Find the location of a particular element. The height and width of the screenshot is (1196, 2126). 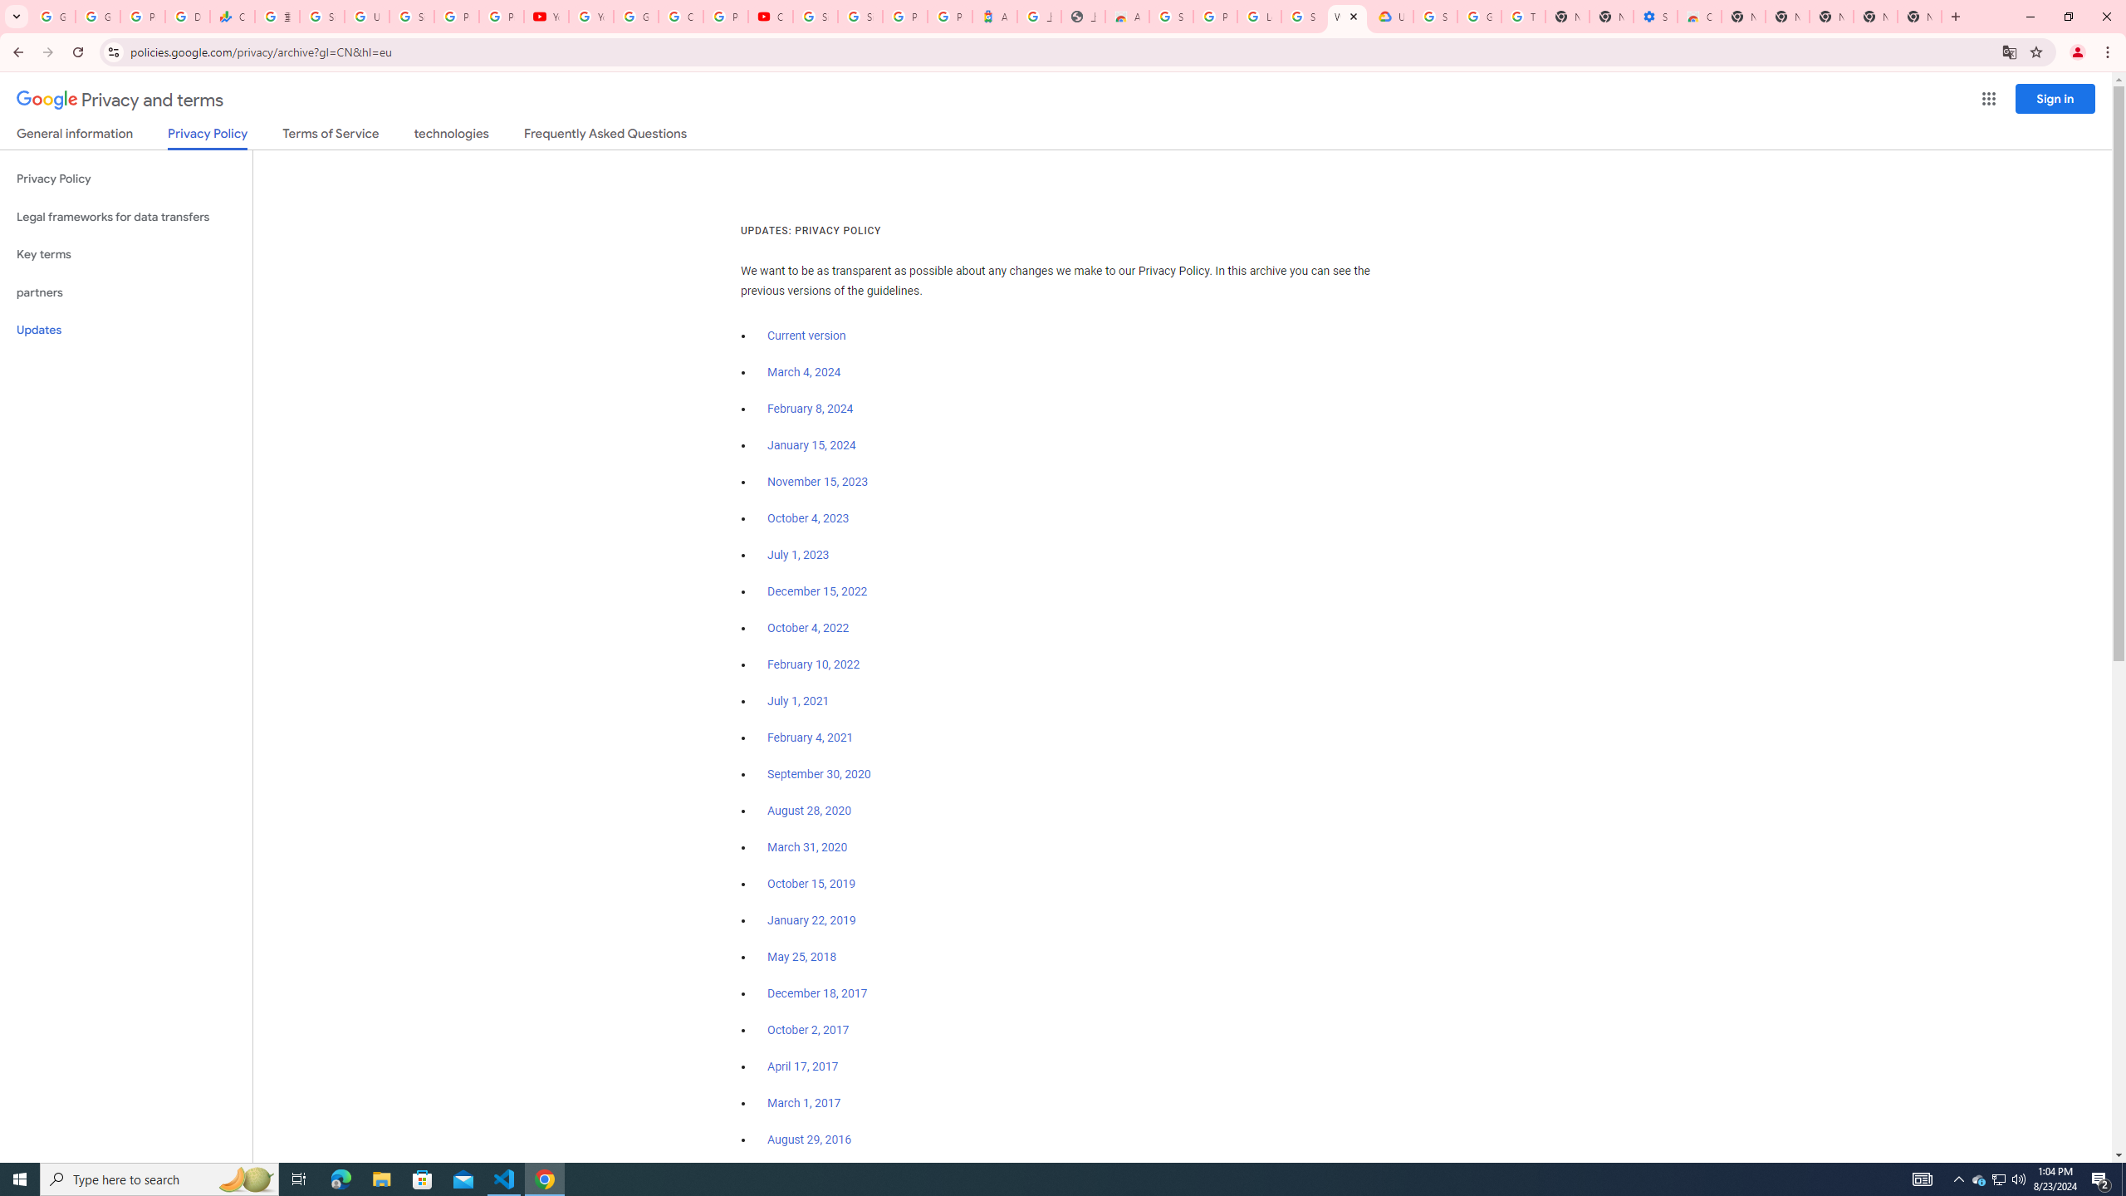

'October 4, 2022' is located at coordinates (809, 627).